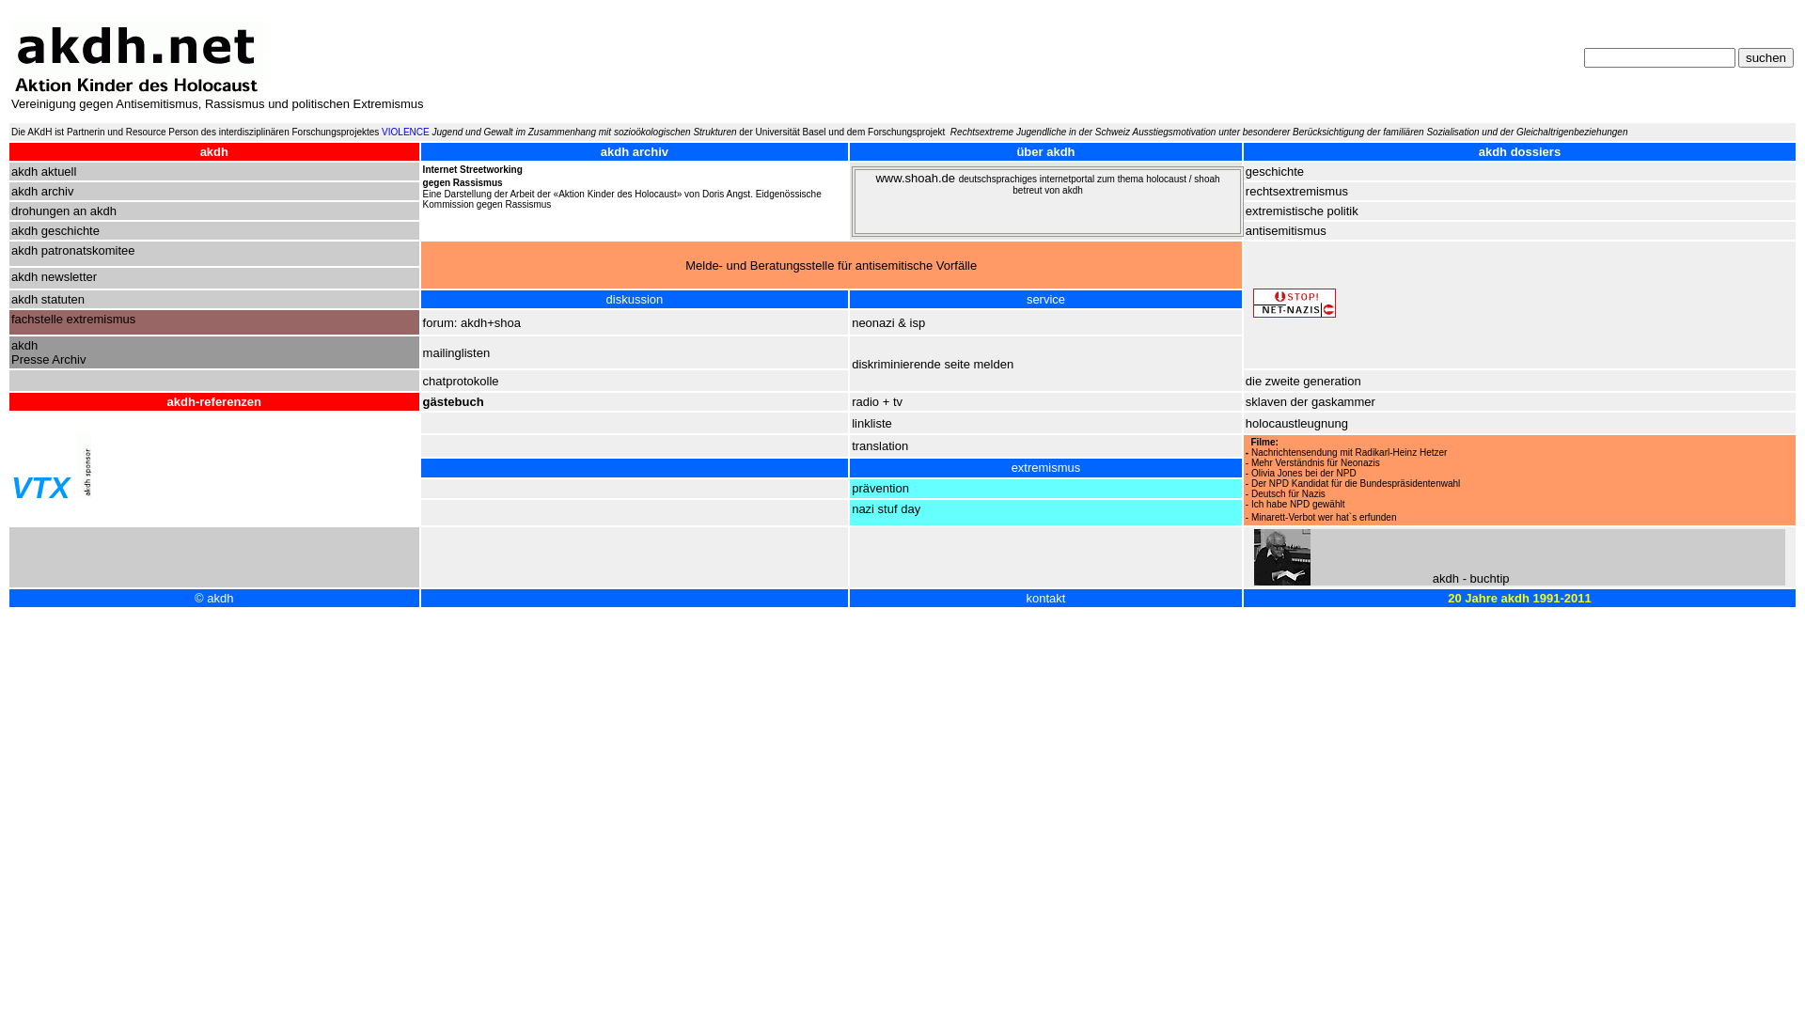 This screenshot has width=1805, height=1015. I want to click on 'VTX', so click(40, 487).